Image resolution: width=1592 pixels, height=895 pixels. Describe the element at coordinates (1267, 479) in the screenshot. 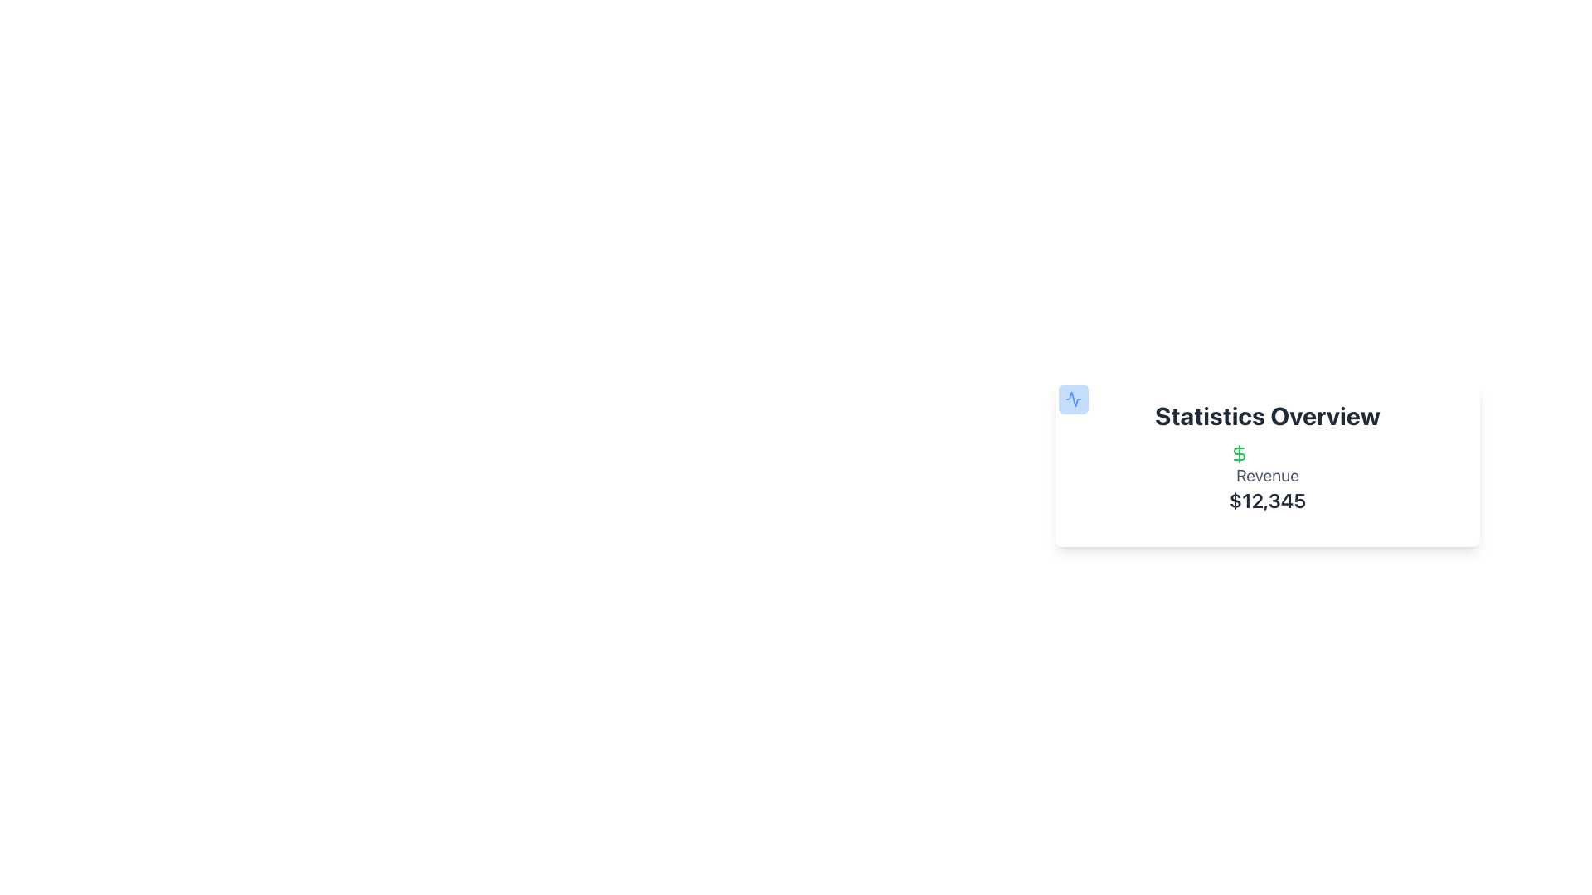

I see `the TextBlock displaying a green dollar sign, the label 'Revenue', and the value '$12,345' located in the 'Statistics Overview' box` at that location.